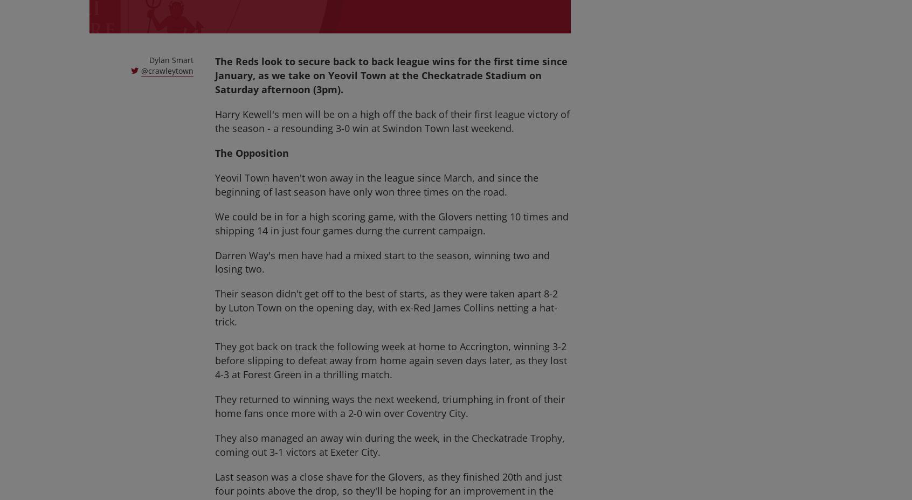 This screenshot has width=912, height=500. I want to click on 'Dylan Smart', so click(170, 59).